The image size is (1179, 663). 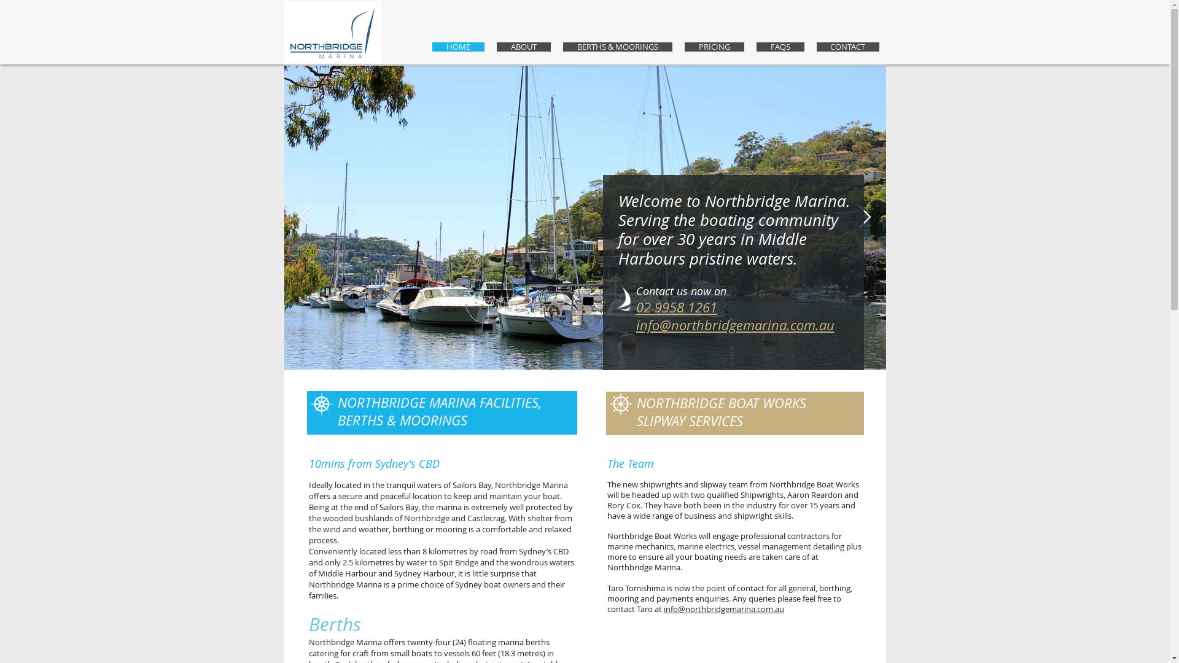 What do you see at coordinates (663, 608) in the screenshot?
I see `'info@northbridgemarina.com.au'` at bounding box center [663, 608].